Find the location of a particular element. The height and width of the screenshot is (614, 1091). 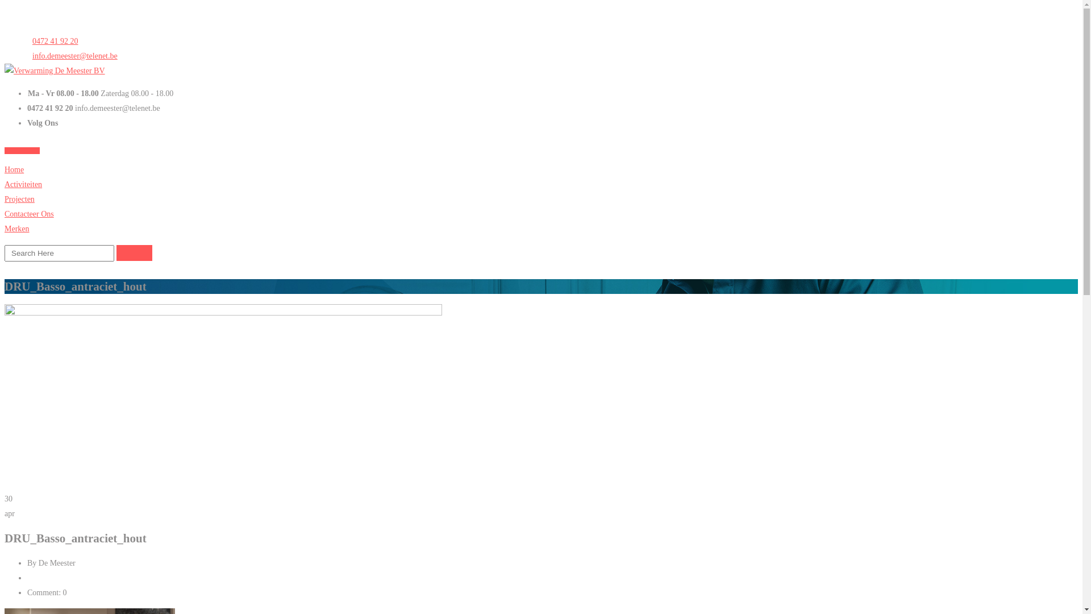

'Search for:' is located at coordinates (59, 252).